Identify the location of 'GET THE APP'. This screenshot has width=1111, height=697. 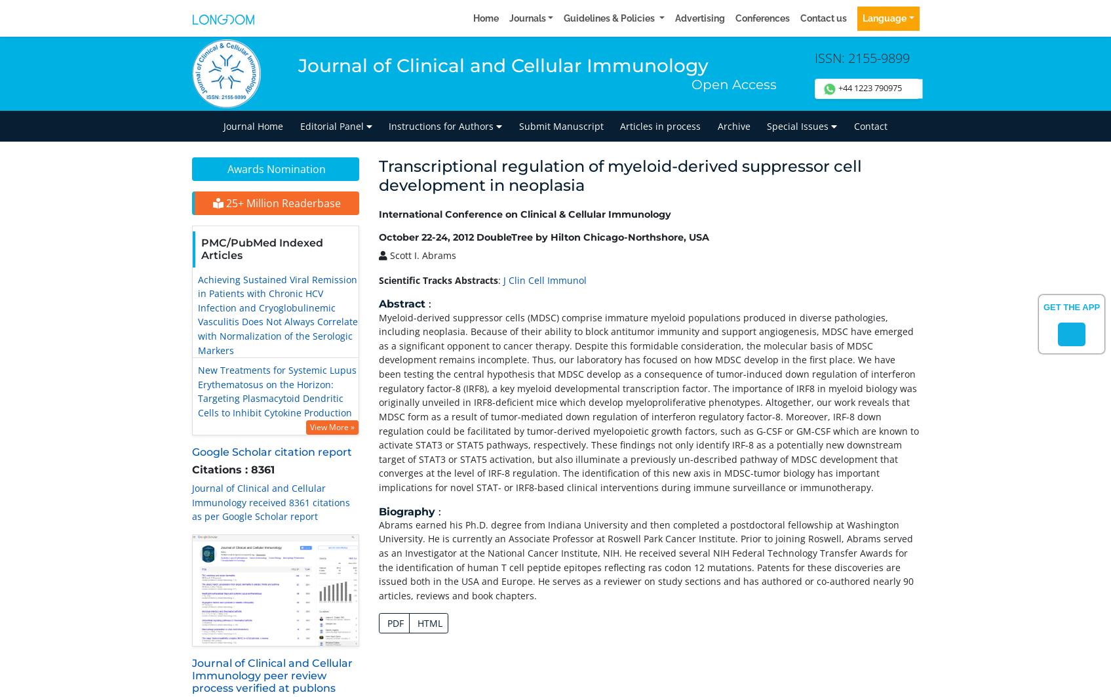
(1070, 307).